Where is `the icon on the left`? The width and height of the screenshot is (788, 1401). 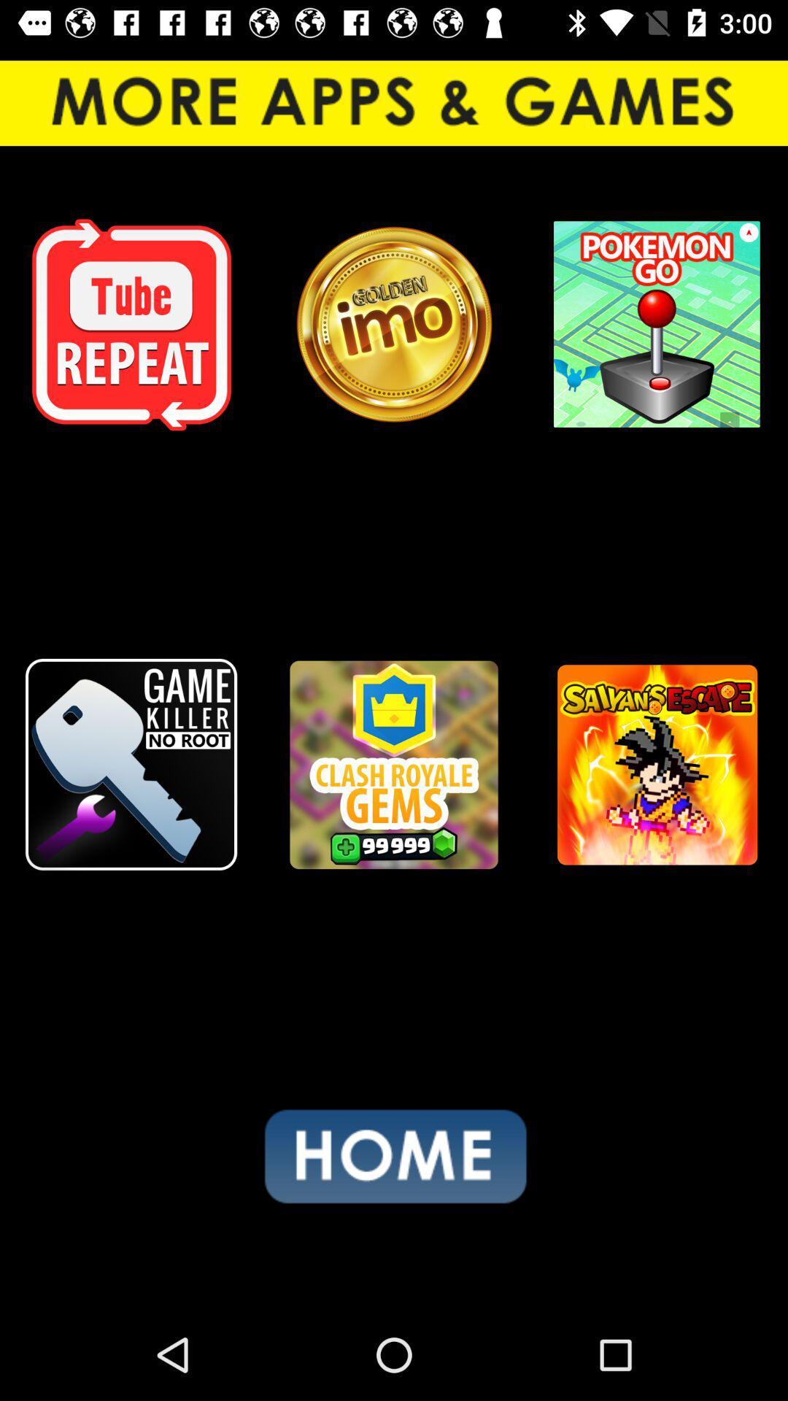 the icon on the left is located at coordinates (131, 764).